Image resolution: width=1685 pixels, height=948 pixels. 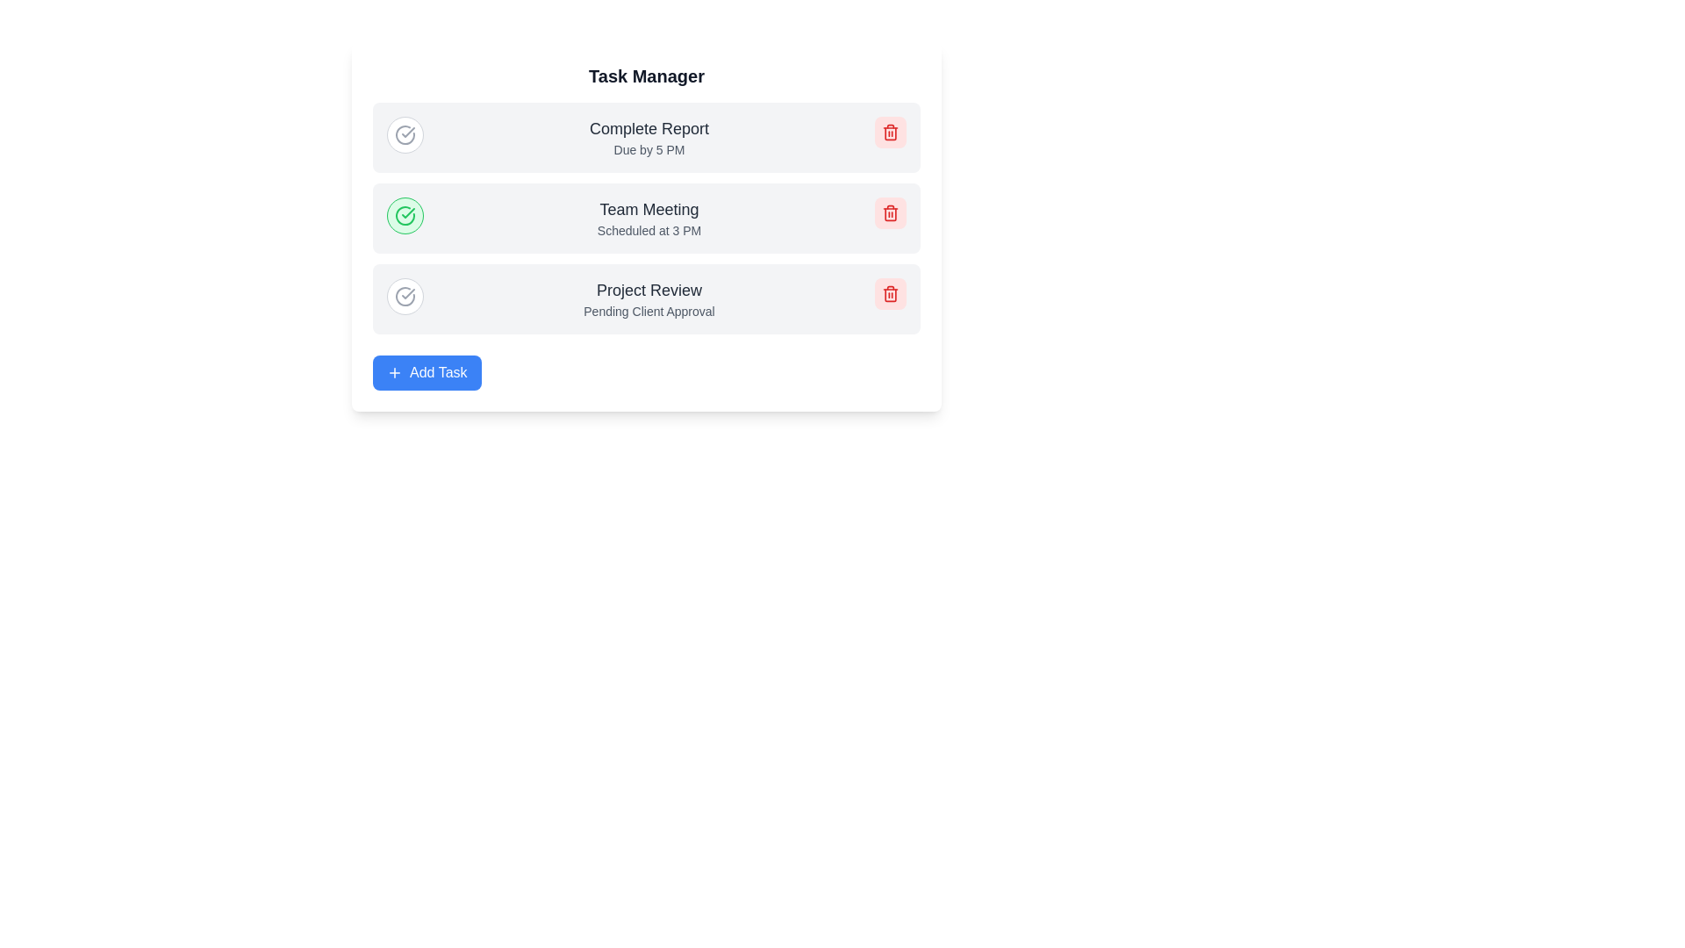 I want to click on the text label titled 'Team Meeting' which provides a brief description of the task in the task management UI, so click(x=648, y=209).